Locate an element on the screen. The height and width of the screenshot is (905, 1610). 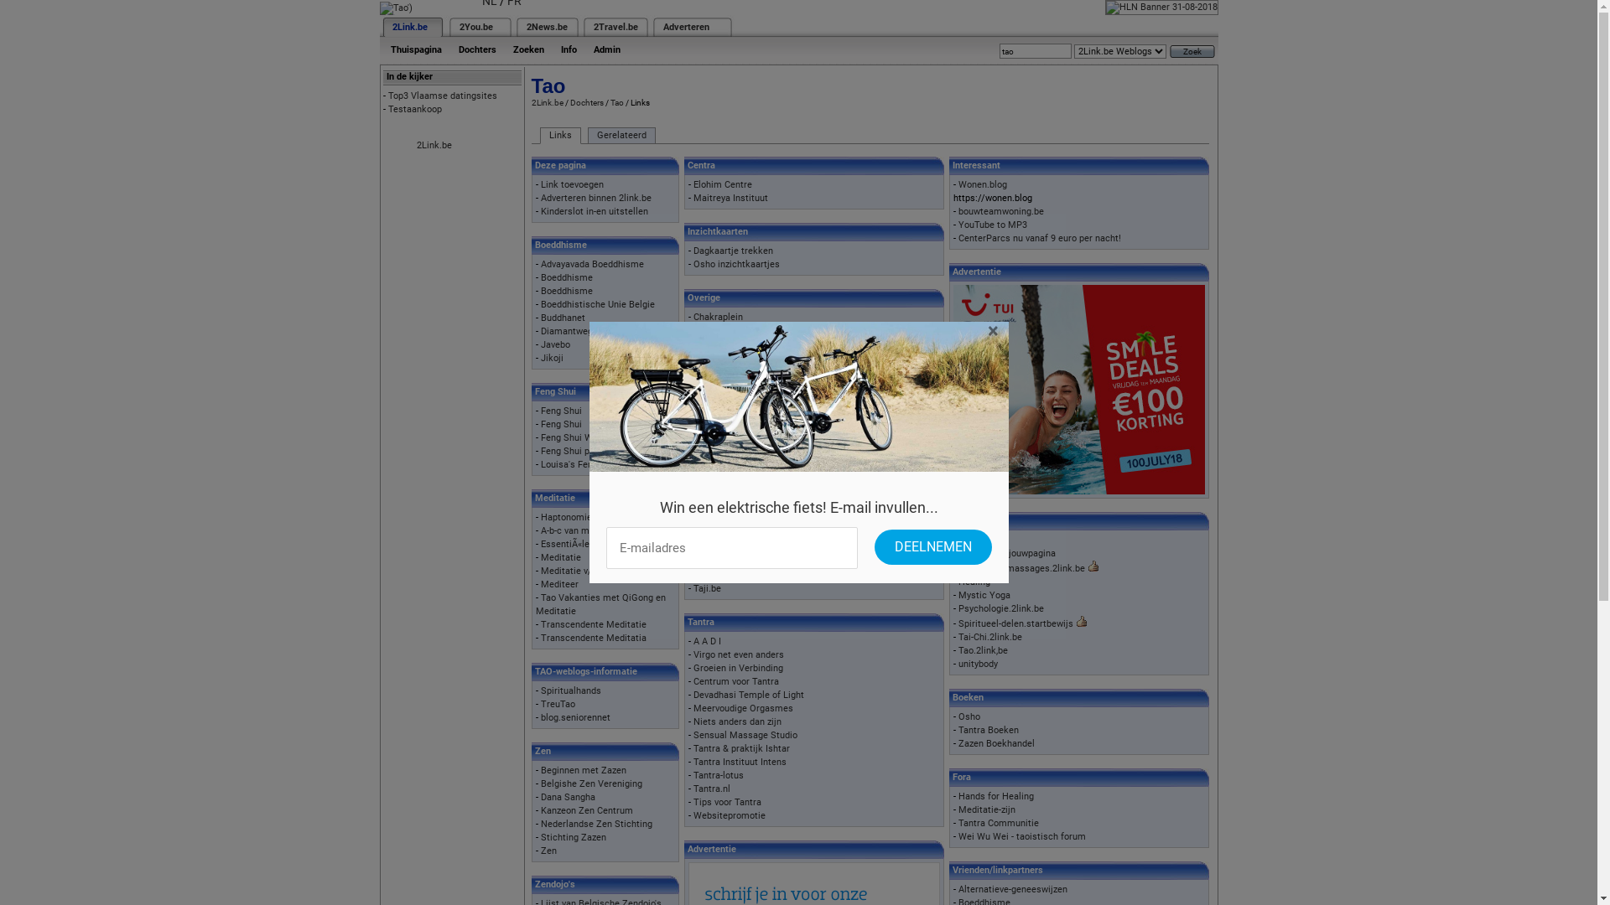
'Tantra.nl' is located at coordinates (711, 789).